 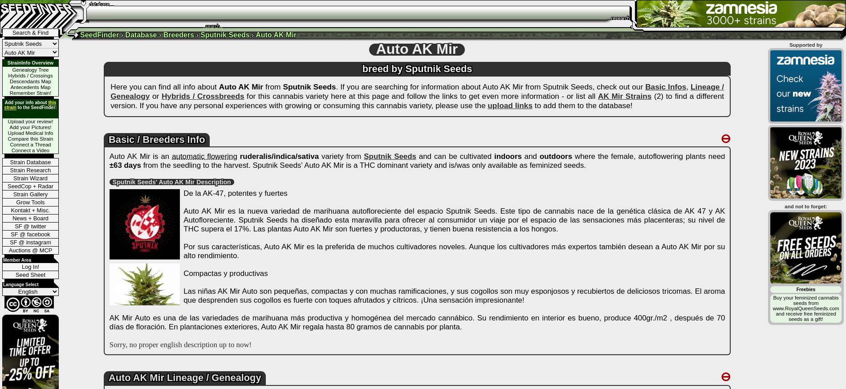 I want to click on 'from the seedling to the harvest.  Sputnik Seeds' Auto AK Mir', so click(x=243, y=165).